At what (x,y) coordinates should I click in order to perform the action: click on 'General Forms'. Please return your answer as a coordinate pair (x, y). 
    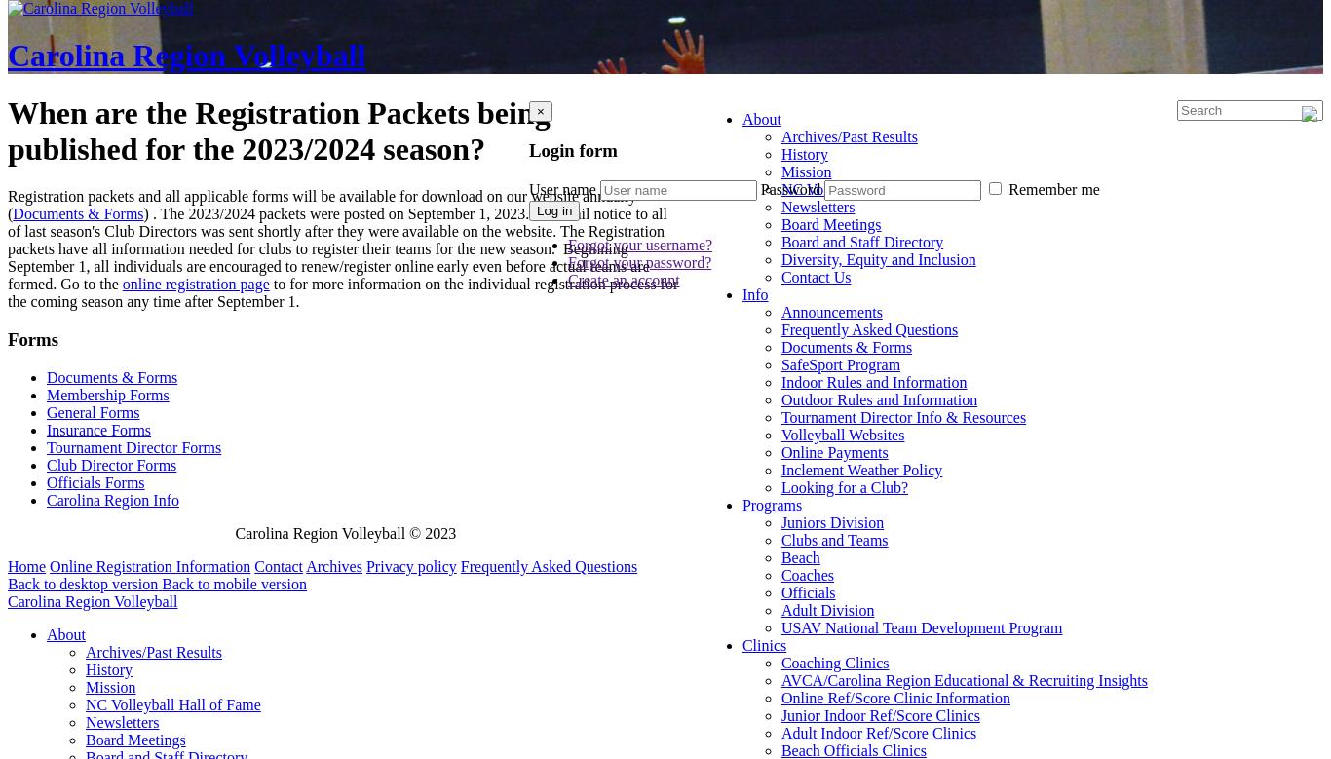
    Looking at the image, I should click on (93, 410).